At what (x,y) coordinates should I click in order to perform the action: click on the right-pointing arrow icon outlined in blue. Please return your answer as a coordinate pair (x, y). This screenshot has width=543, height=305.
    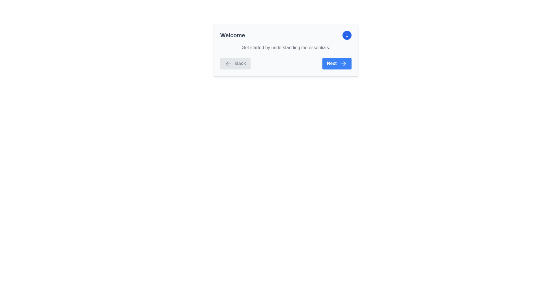
    Looking at the image, I should click on (343, 64).